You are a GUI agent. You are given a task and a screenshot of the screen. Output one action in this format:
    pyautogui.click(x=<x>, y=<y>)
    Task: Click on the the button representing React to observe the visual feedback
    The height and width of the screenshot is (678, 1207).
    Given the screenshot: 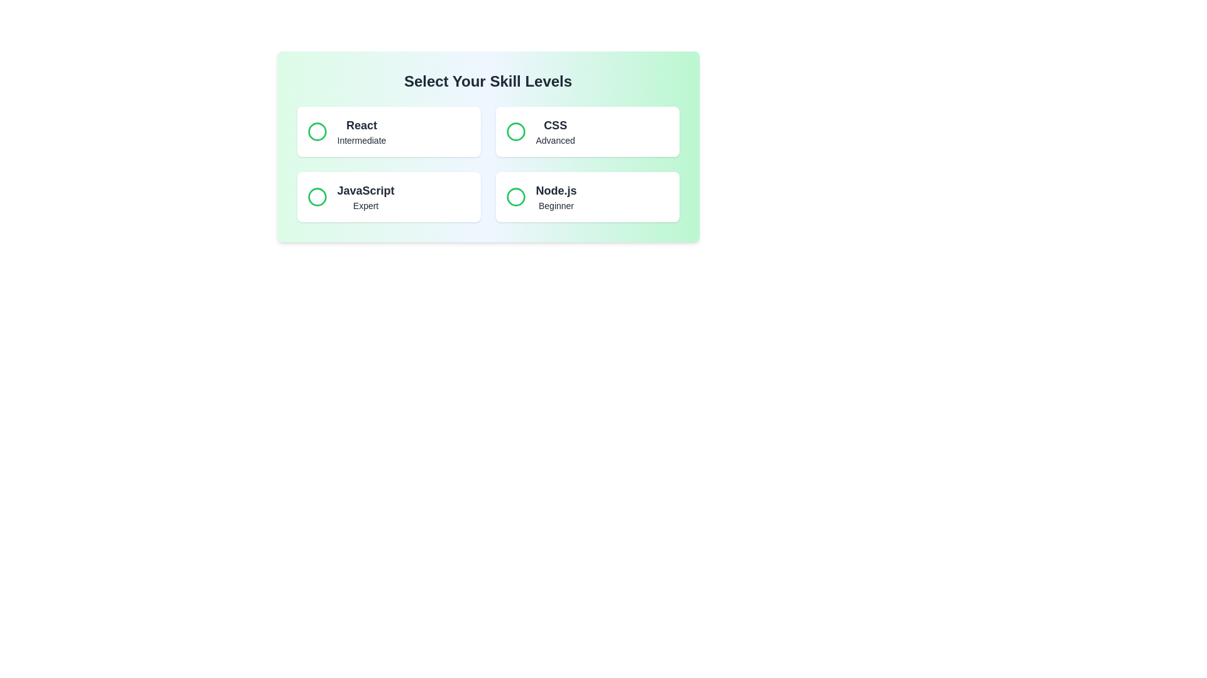 What is the action you would take?
    pyautogui.click(x=388, y=131)
    